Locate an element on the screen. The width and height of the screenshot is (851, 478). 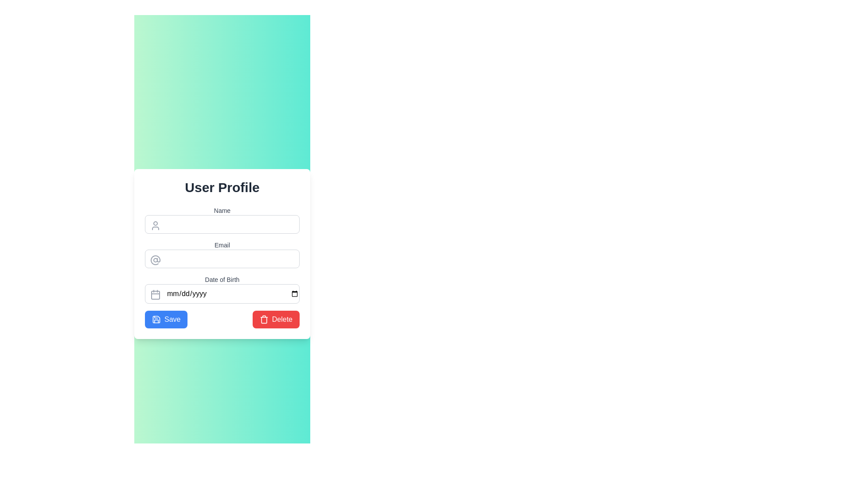
the label that describes the date of birth input field in the 'User Profile' form, which is the third labeled field above the corresponding input field is located at coordinates (222, 280).